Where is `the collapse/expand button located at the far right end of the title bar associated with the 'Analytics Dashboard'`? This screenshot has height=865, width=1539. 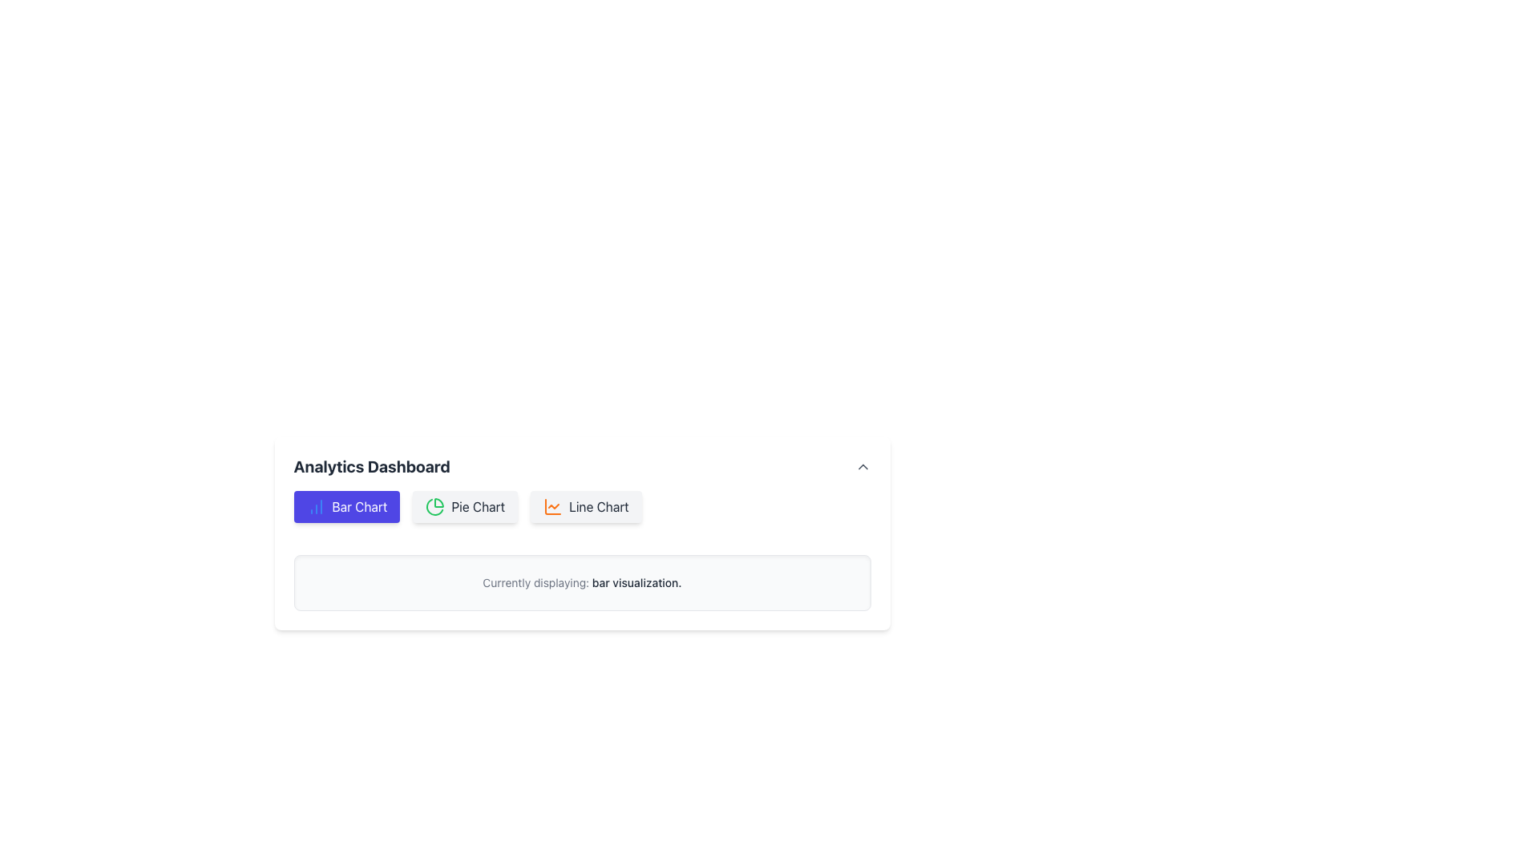
the collapse/expand button located at the far right end of the title bar associated with the 'Analytics Dashboard' is located at coordinates (862, 466).